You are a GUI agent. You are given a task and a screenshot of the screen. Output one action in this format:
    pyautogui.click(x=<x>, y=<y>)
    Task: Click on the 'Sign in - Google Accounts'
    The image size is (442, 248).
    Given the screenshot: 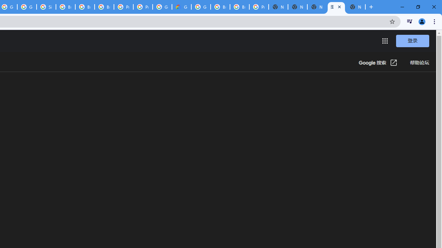 What is the action you would take?
    pyautogui.click(x=46, y=7)
    